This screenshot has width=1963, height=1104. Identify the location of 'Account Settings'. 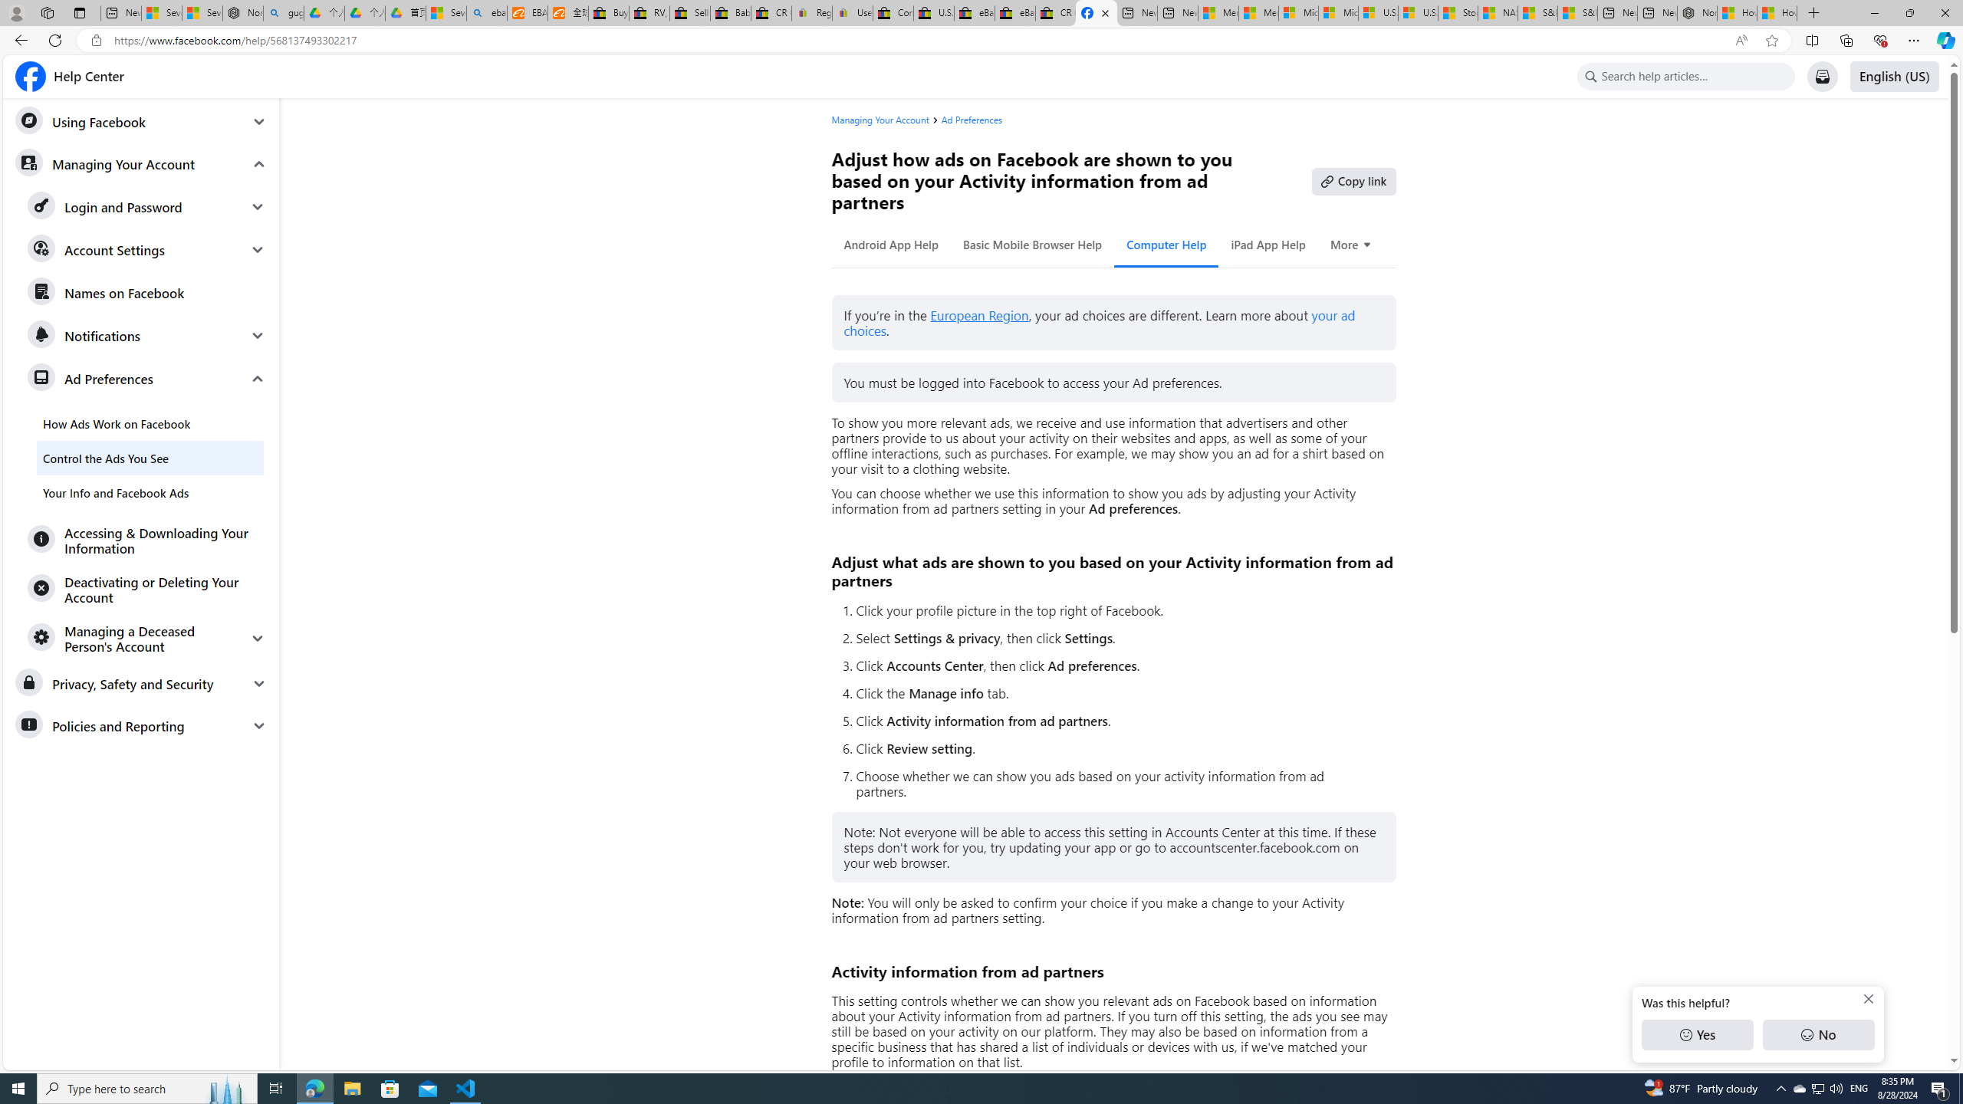
(146, 249).